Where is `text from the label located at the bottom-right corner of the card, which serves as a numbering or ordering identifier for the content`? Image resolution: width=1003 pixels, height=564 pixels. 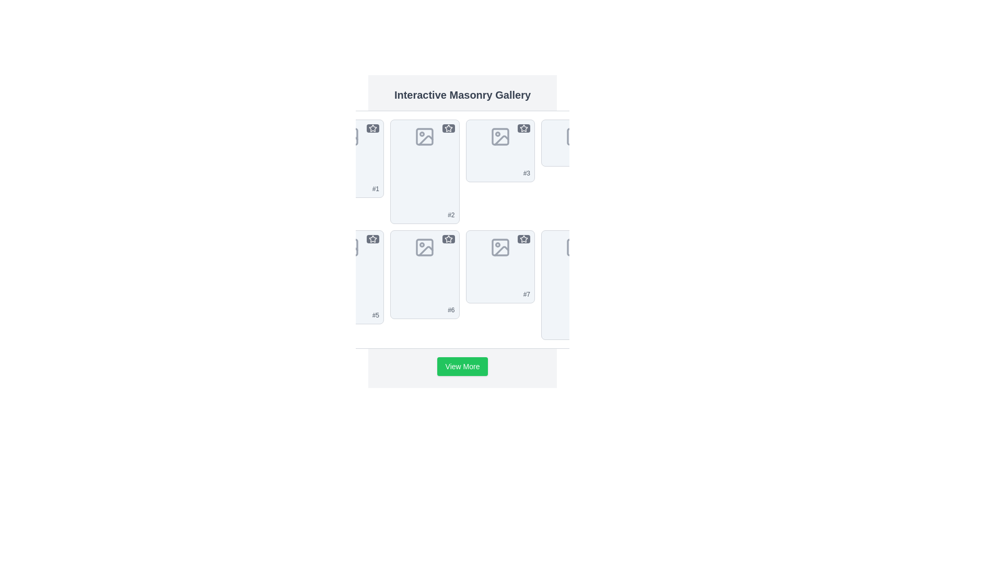
text from the label located at the bottom-right corner of the card, which serves as a numbering or ordering identifier for the content is located at coordinates (527, 172).